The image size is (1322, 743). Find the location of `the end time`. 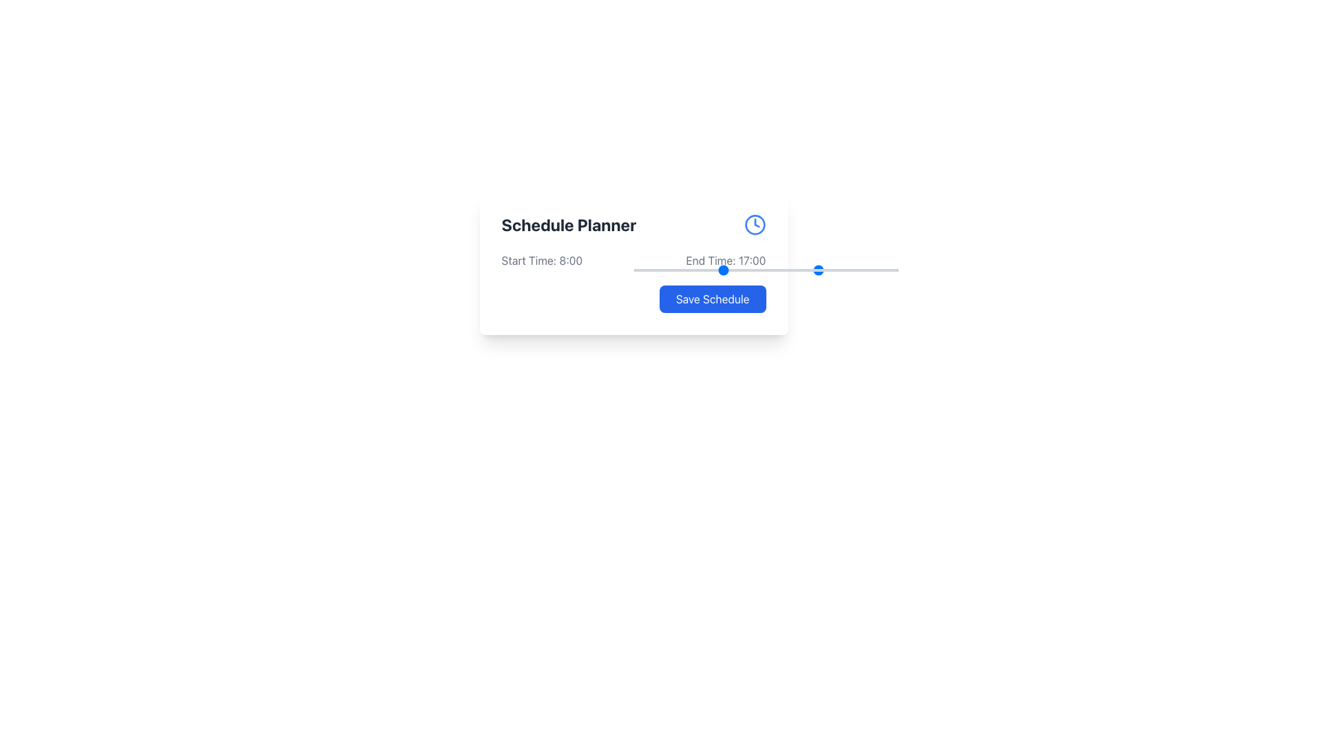

the end time is located at coordinates (644, 270).